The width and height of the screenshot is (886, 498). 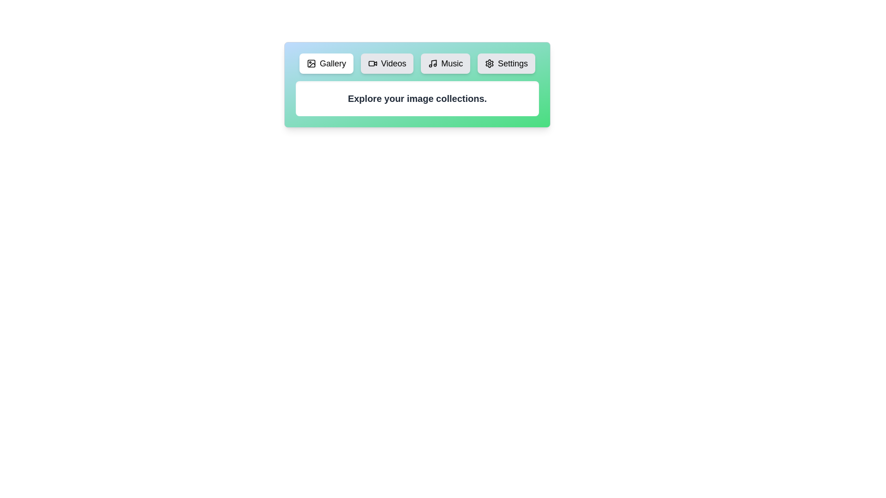 I want to click on the tab labeled Gallery to view its content, so click(x=326, y=63).